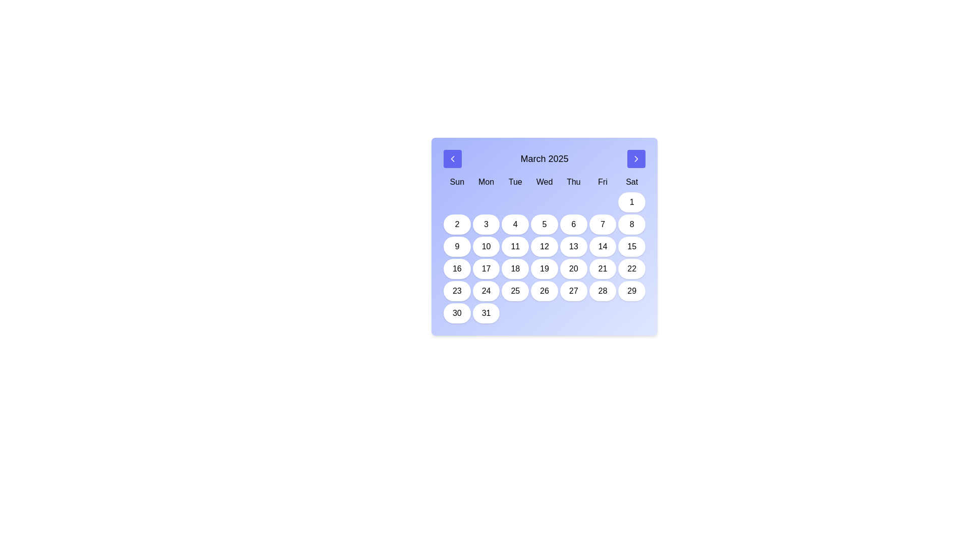 The width and height of the screenshot is (969, 545). Describe the element at coordinates (486, 268) in the screenshot. I see `the circular button labeled '17'` at that location.